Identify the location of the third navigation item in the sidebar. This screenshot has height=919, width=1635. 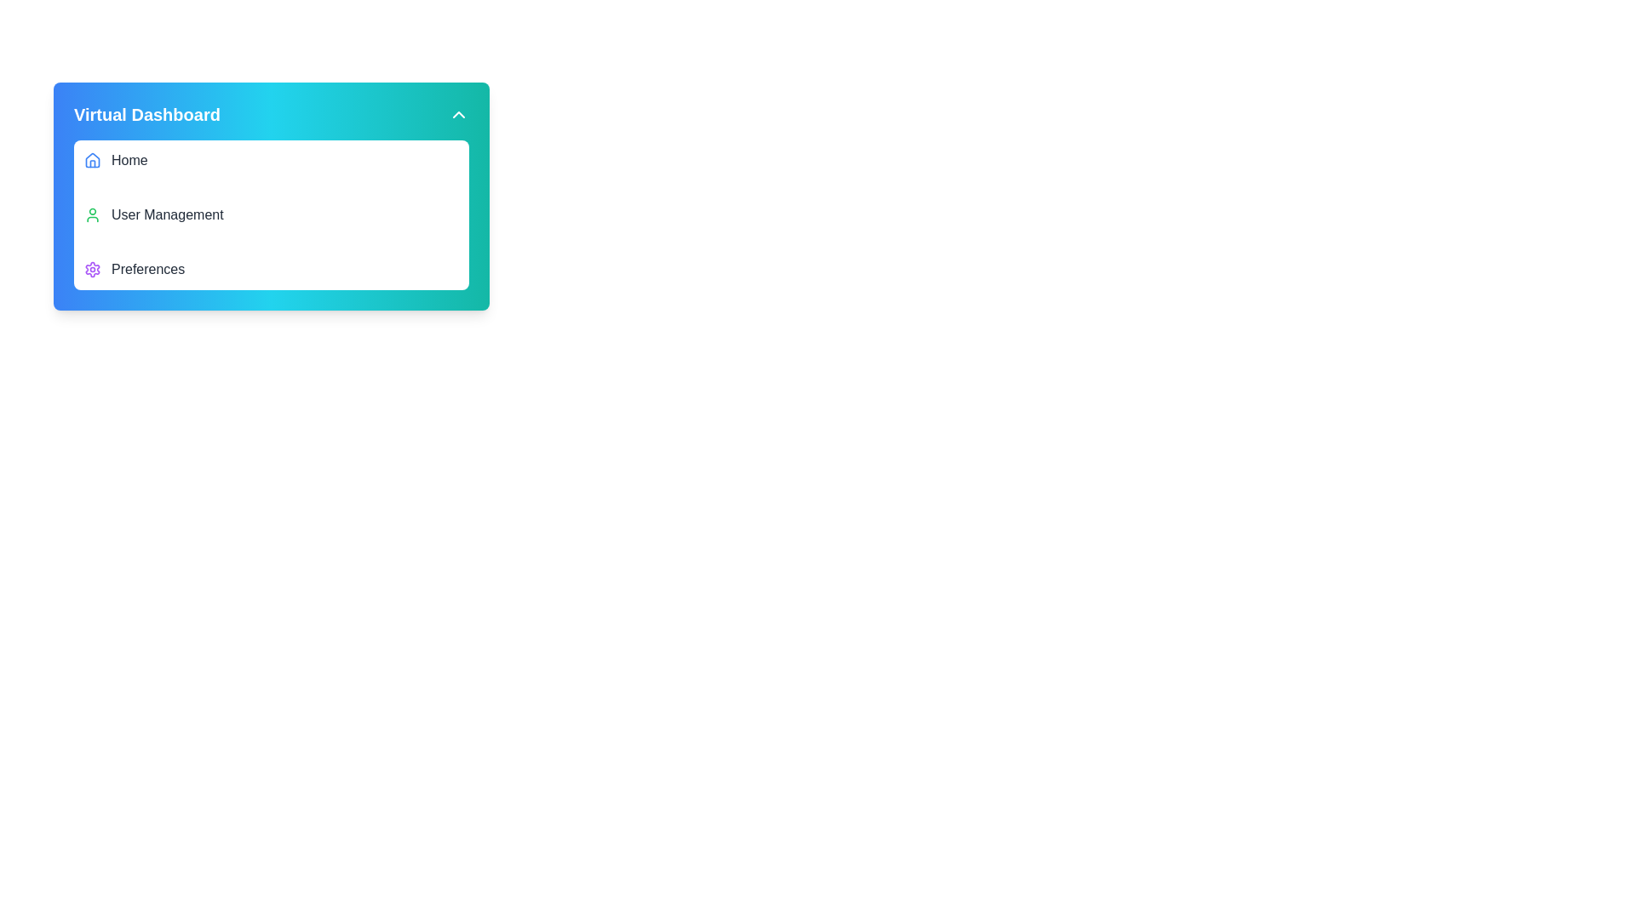
(270, 268).